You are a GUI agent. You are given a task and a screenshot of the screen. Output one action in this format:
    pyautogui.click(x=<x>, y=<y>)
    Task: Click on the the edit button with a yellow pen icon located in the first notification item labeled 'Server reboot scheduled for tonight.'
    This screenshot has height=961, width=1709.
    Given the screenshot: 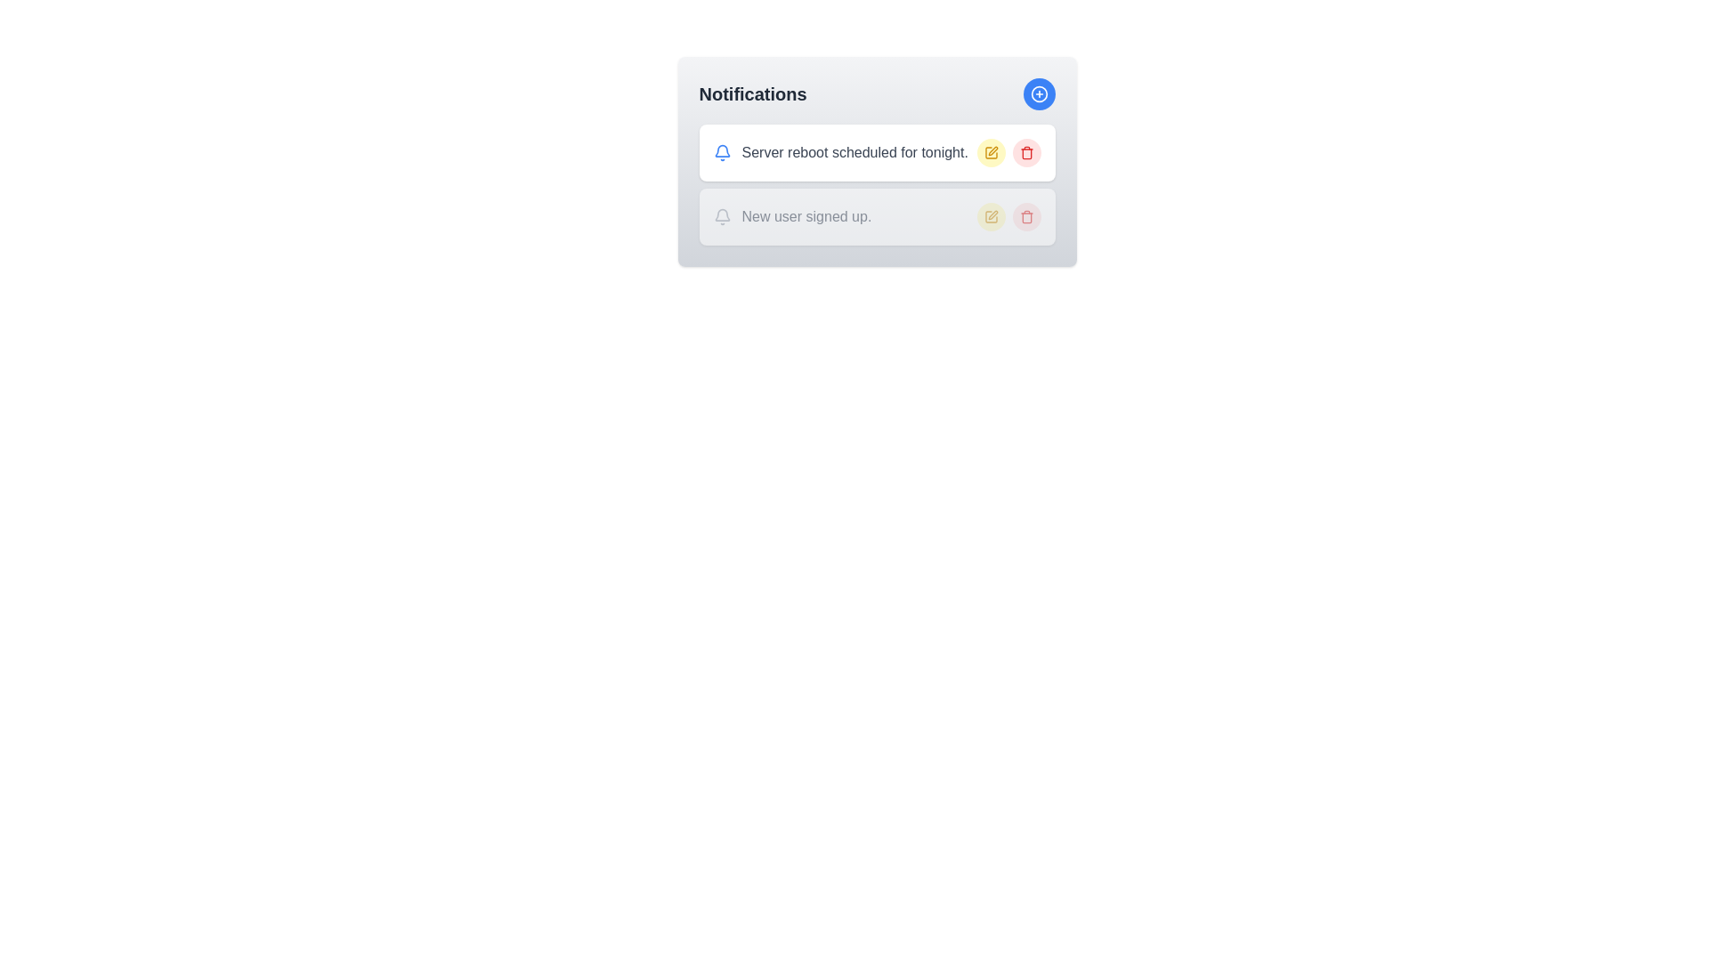 What is the action you would take?
    pyautogui.click(x=990, y=152)
    